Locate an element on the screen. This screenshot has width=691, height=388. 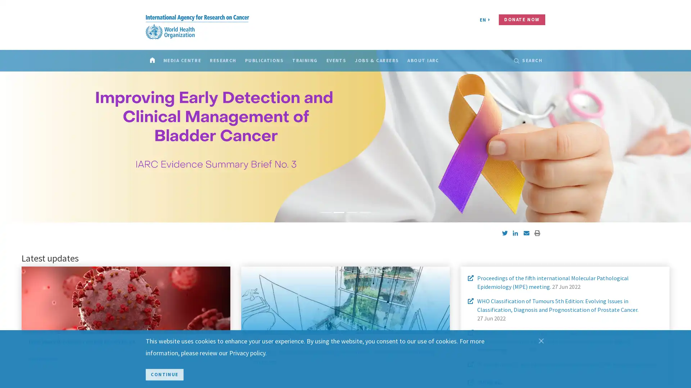
Goto Slide 2 is located at coordinates (338, 212).